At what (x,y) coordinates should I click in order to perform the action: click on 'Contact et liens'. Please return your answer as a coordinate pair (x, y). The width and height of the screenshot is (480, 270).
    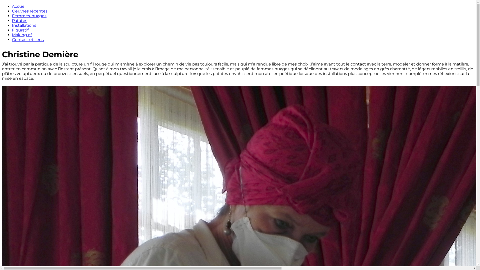
    Looking at the image, I should click on (27, 39).